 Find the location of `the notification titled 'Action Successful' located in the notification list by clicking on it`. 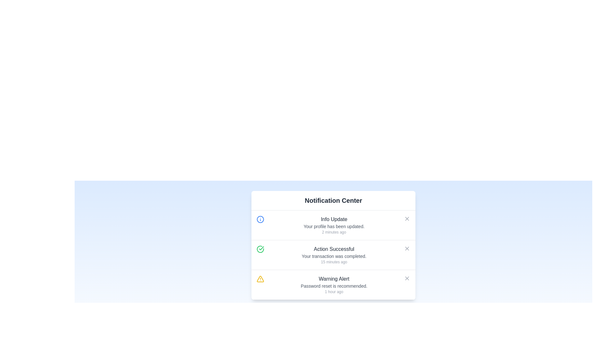

the notification titled 'Action Successful' located in the notification list by clicking on it is located at coordinates (333, 254).